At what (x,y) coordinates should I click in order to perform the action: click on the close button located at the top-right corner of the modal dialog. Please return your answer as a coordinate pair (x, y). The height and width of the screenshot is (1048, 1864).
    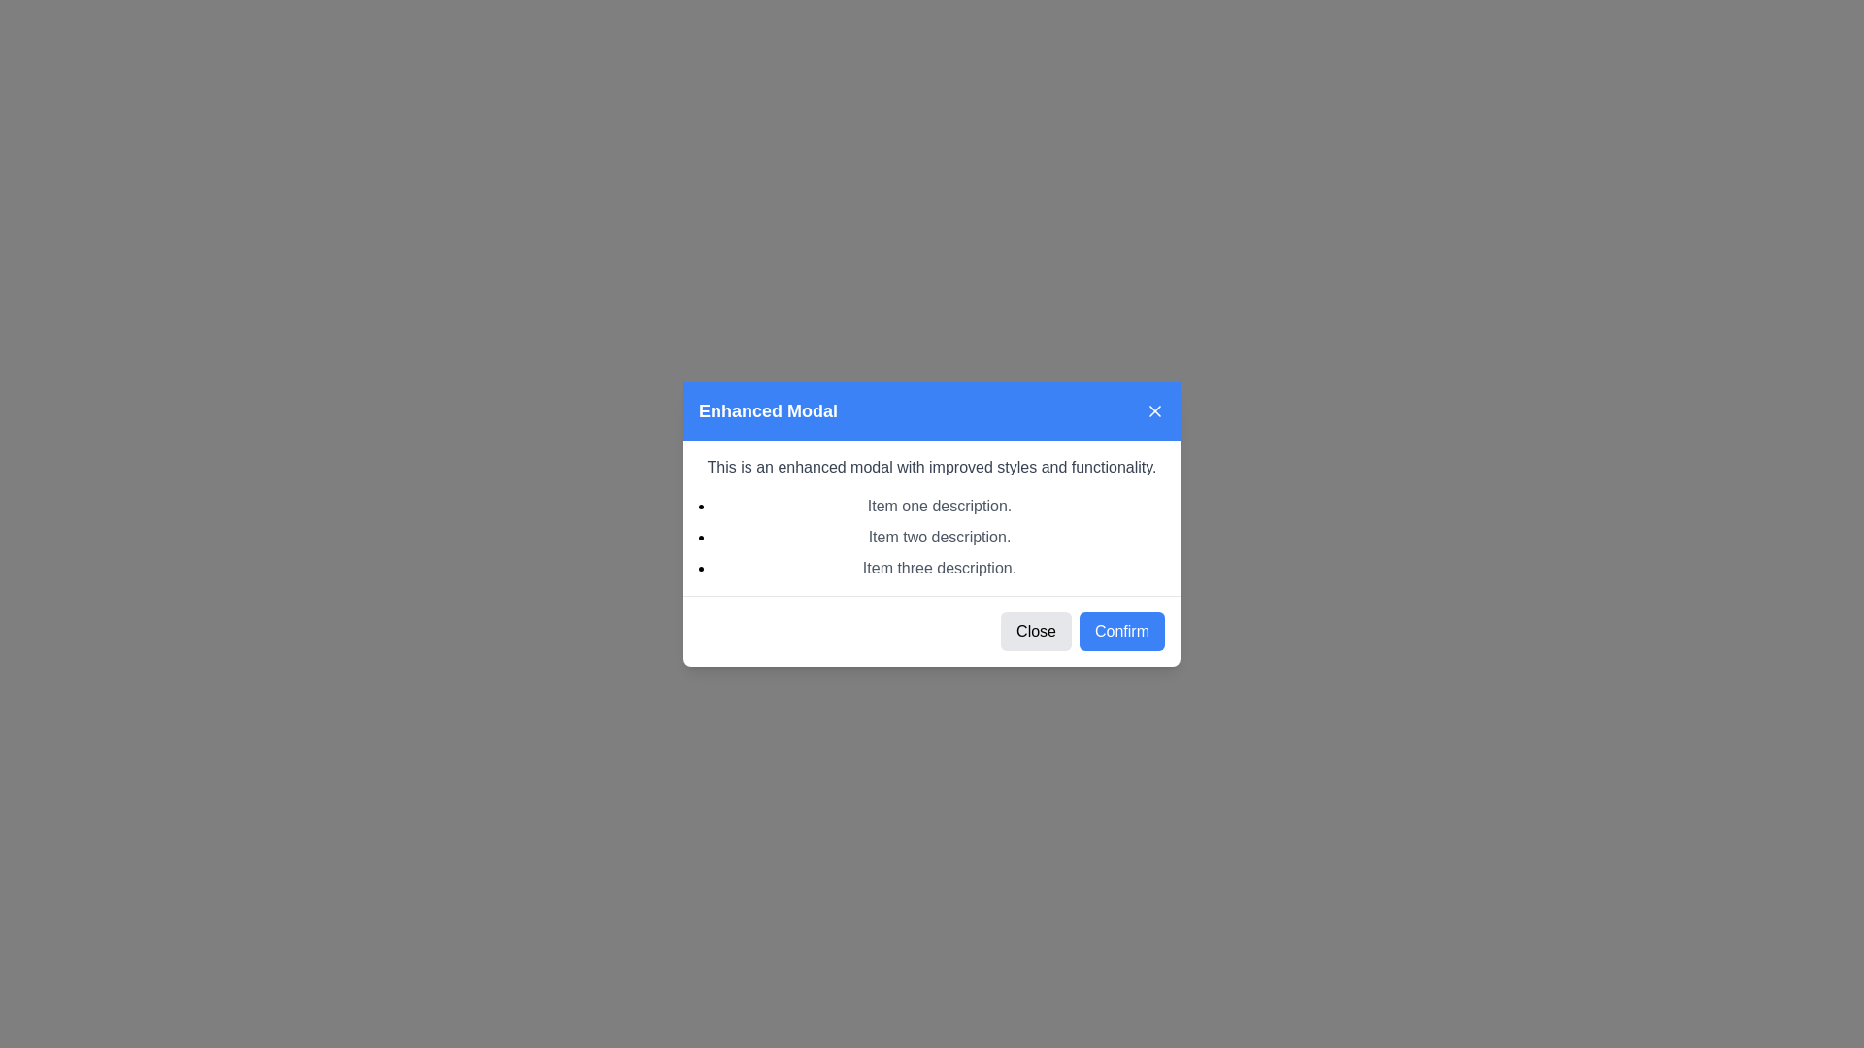
    Looking at the image, I should click on (1155, 409).